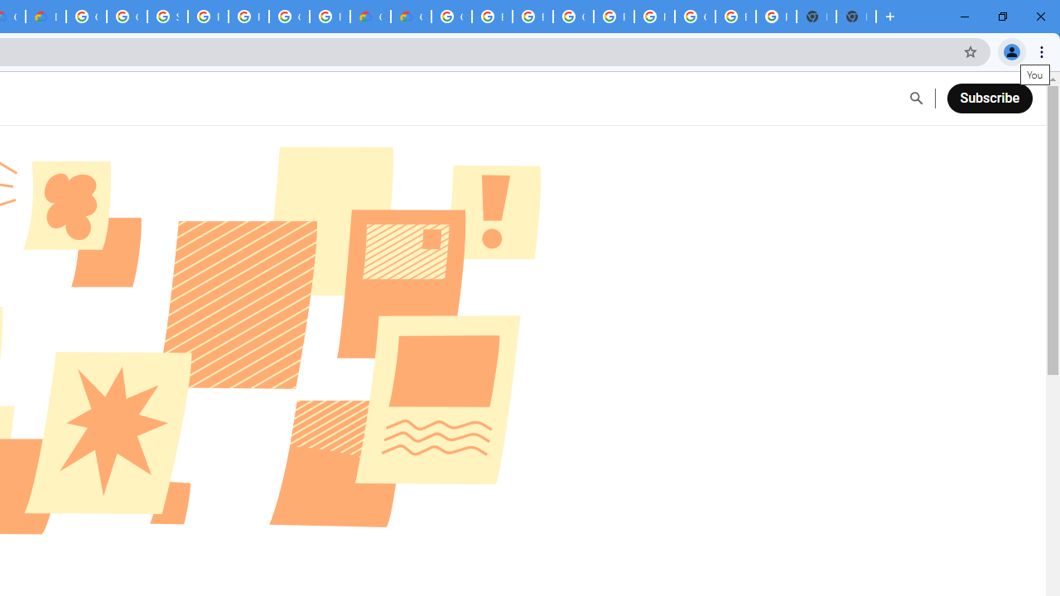  I want to click on 'Google Cloud Platform', so click(451, 17).